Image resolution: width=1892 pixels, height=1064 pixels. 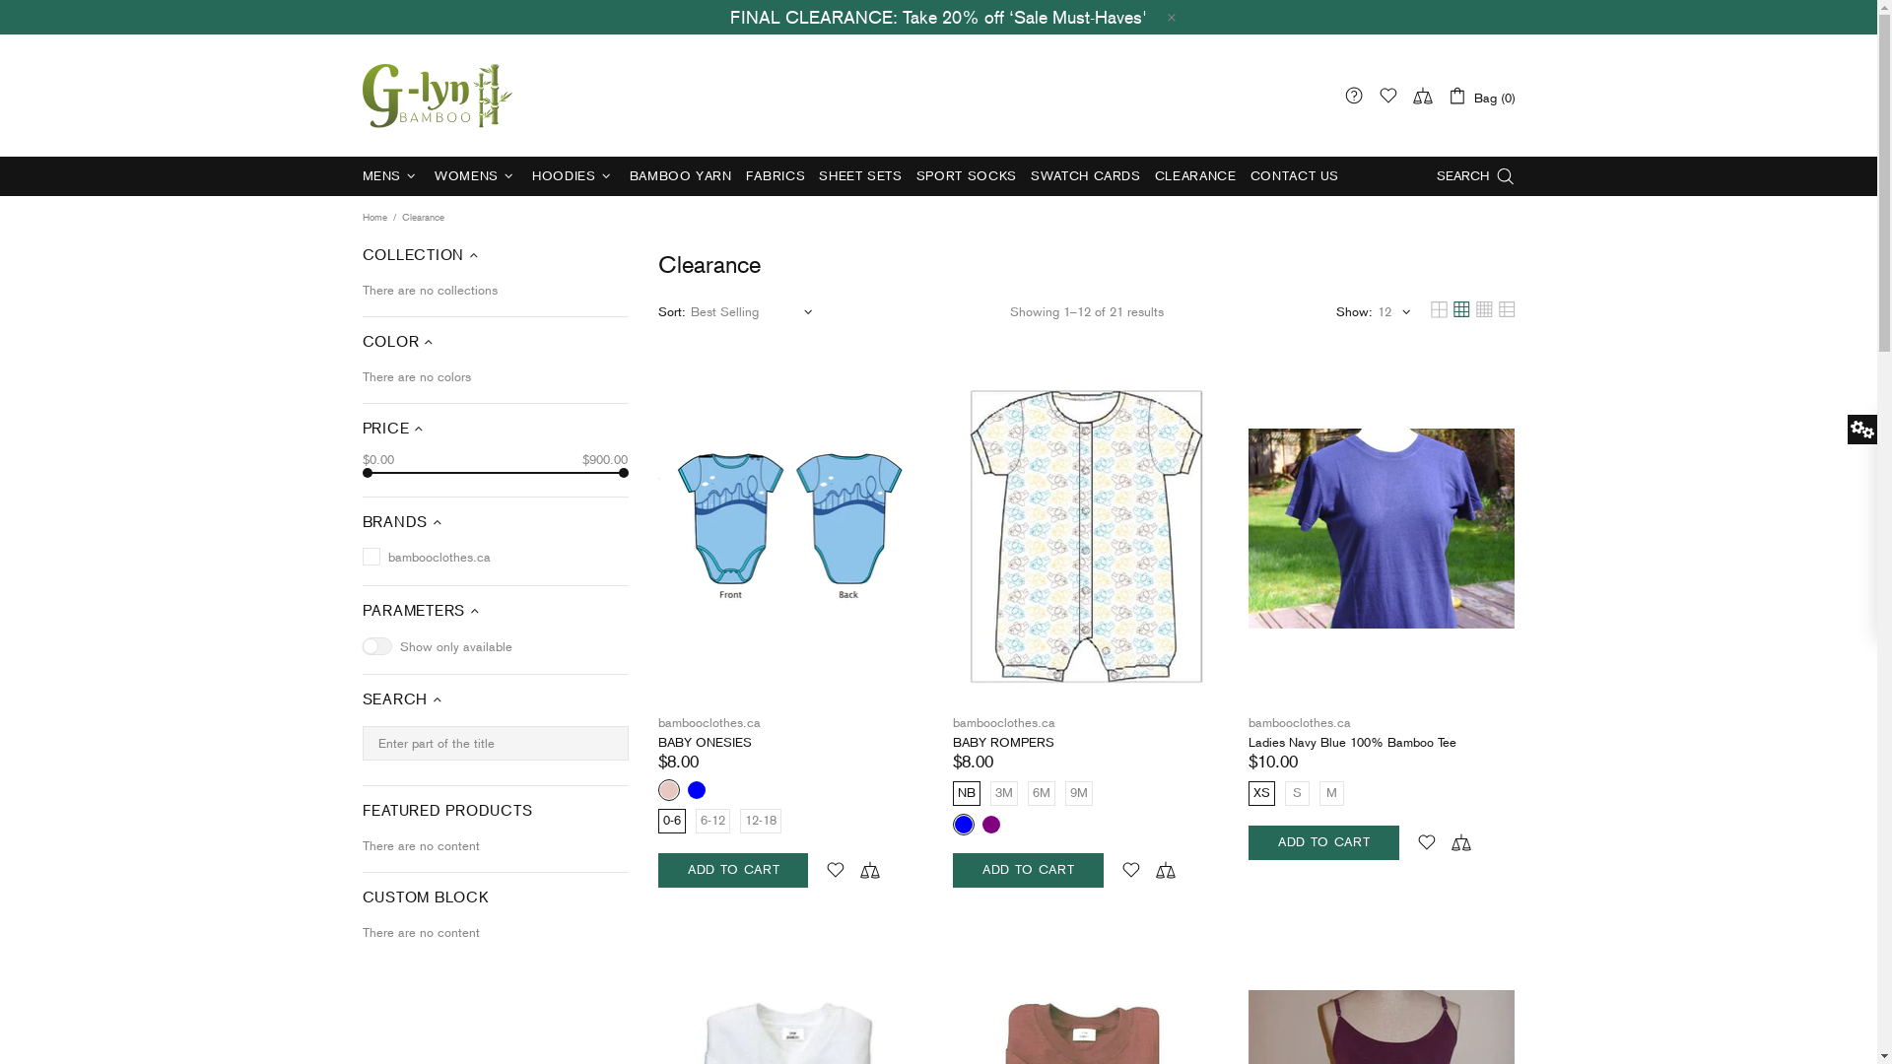 I want to click on 'Bag (0)', so click(x=1480, y=95).